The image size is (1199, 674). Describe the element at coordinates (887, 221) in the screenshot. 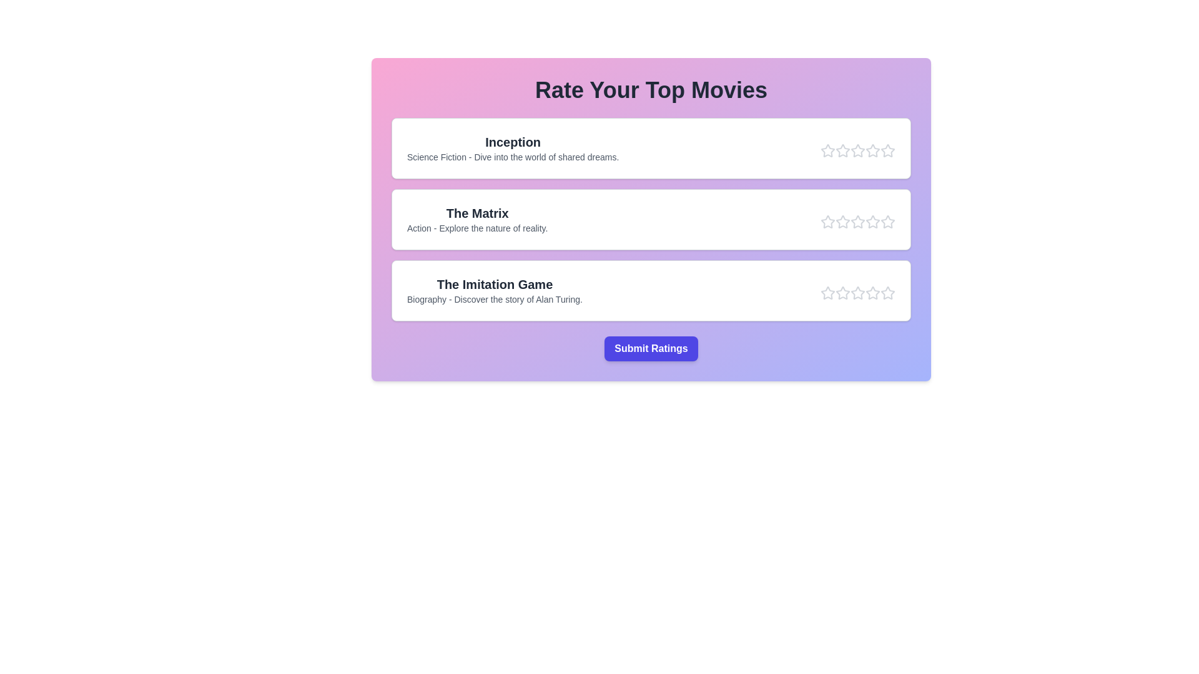

I see `the star corresponding to the rating 5 for the movie The Matrix` at that location.